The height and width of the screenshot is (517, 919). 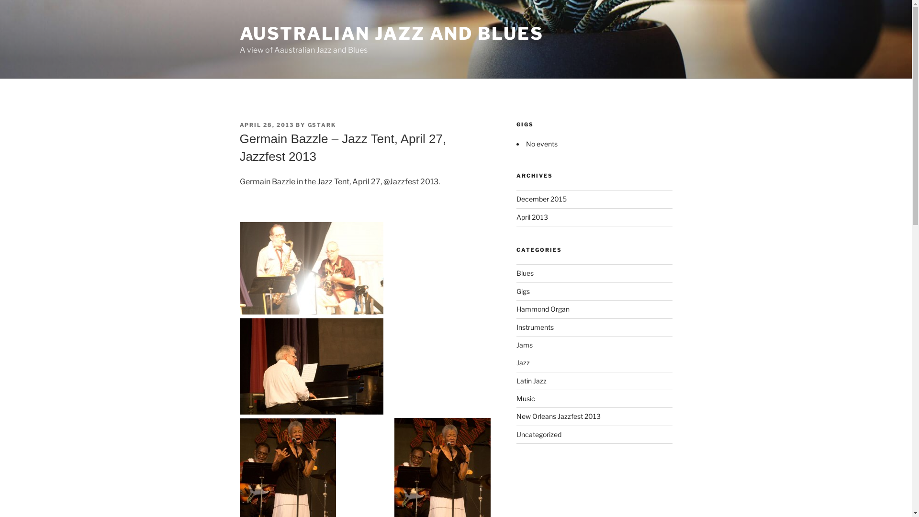 I want to click on 'AUSTRALIAN JAZZ AND BLUES', so click(x=391, y=33).